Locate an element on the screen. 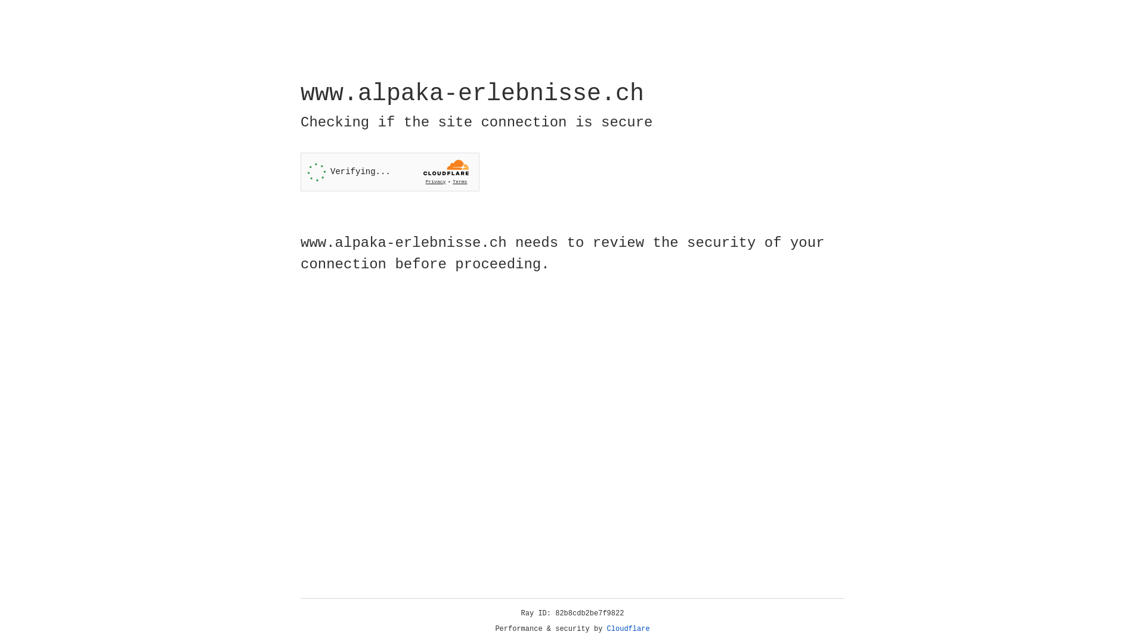 The image size is (1145, 644). 'Widget containing a Cloudflare security challenge' is located at coordinates (389, 172).